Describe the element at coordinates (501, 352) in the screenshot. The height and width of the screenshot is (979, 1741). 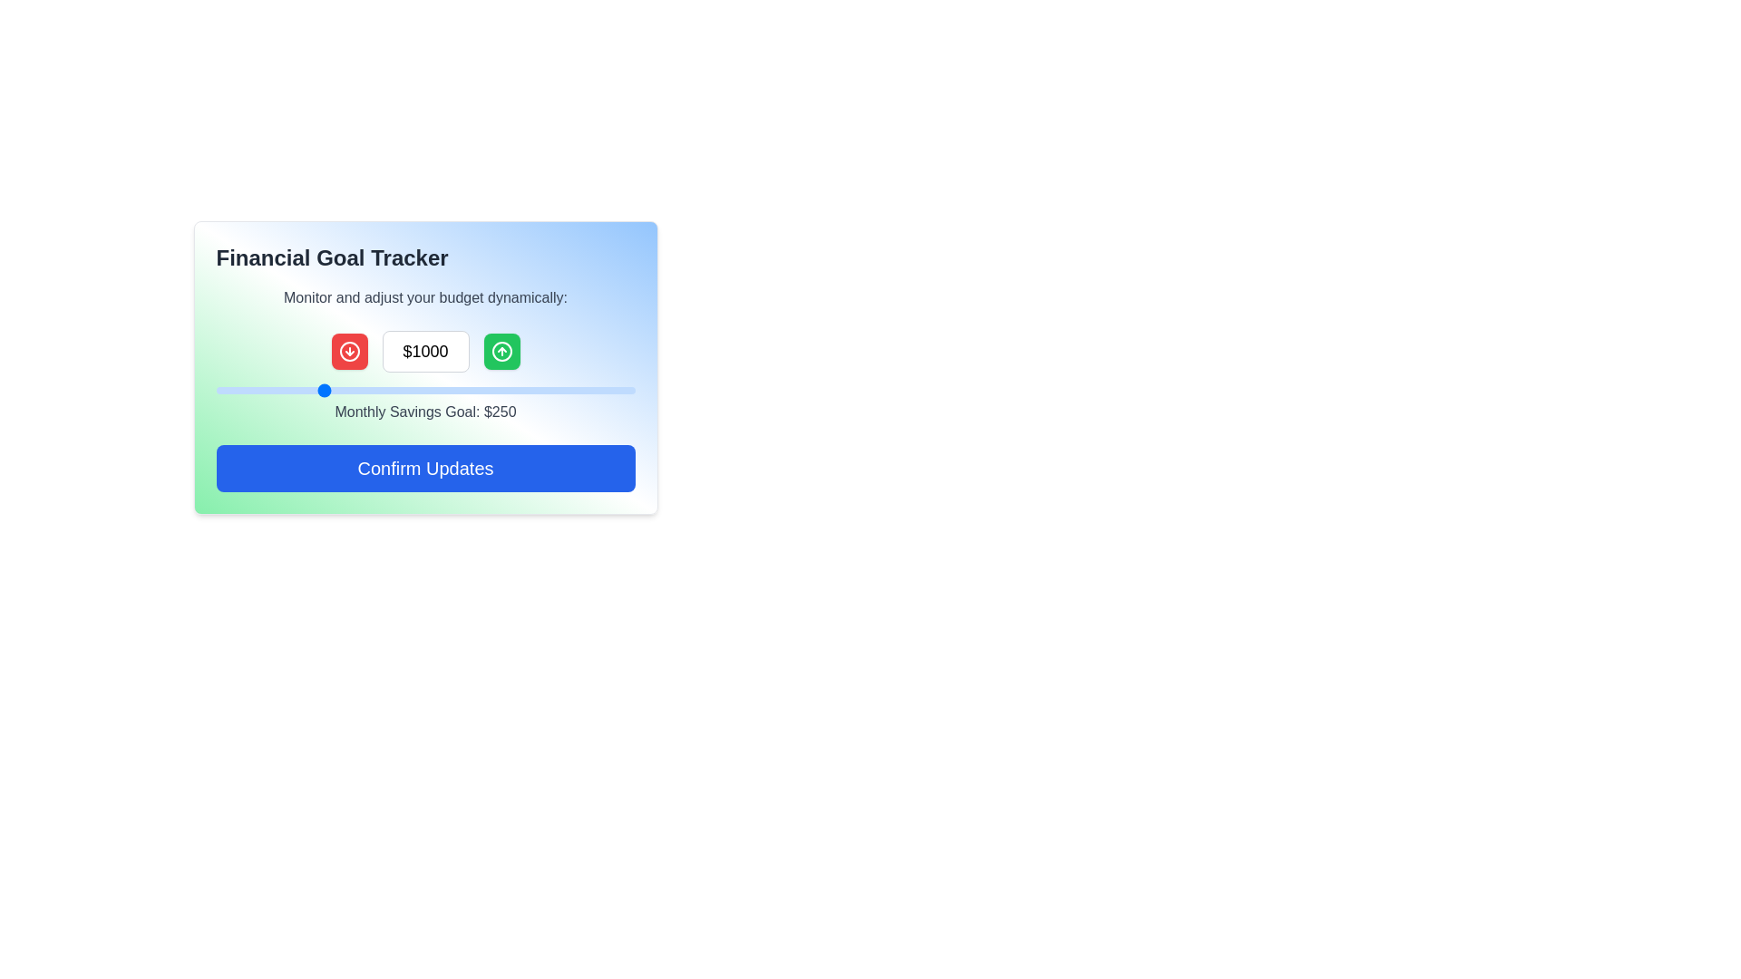
I see `the rounded rectangular green button with a white border and upward-pointing arrow icon for keyboard actions` at that location.